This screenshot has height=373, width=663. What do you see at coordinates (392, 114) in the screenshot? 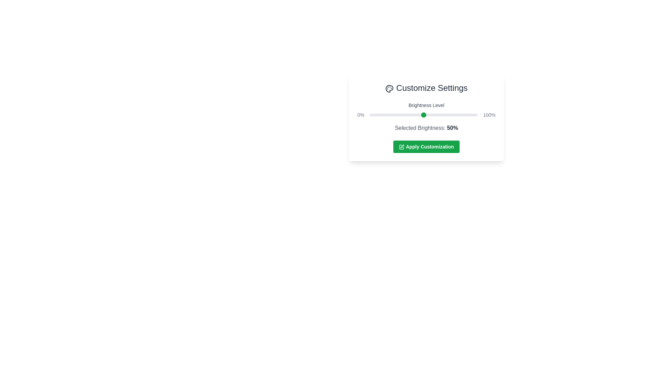
I see `the brightness` at bounding box center [392, 114].